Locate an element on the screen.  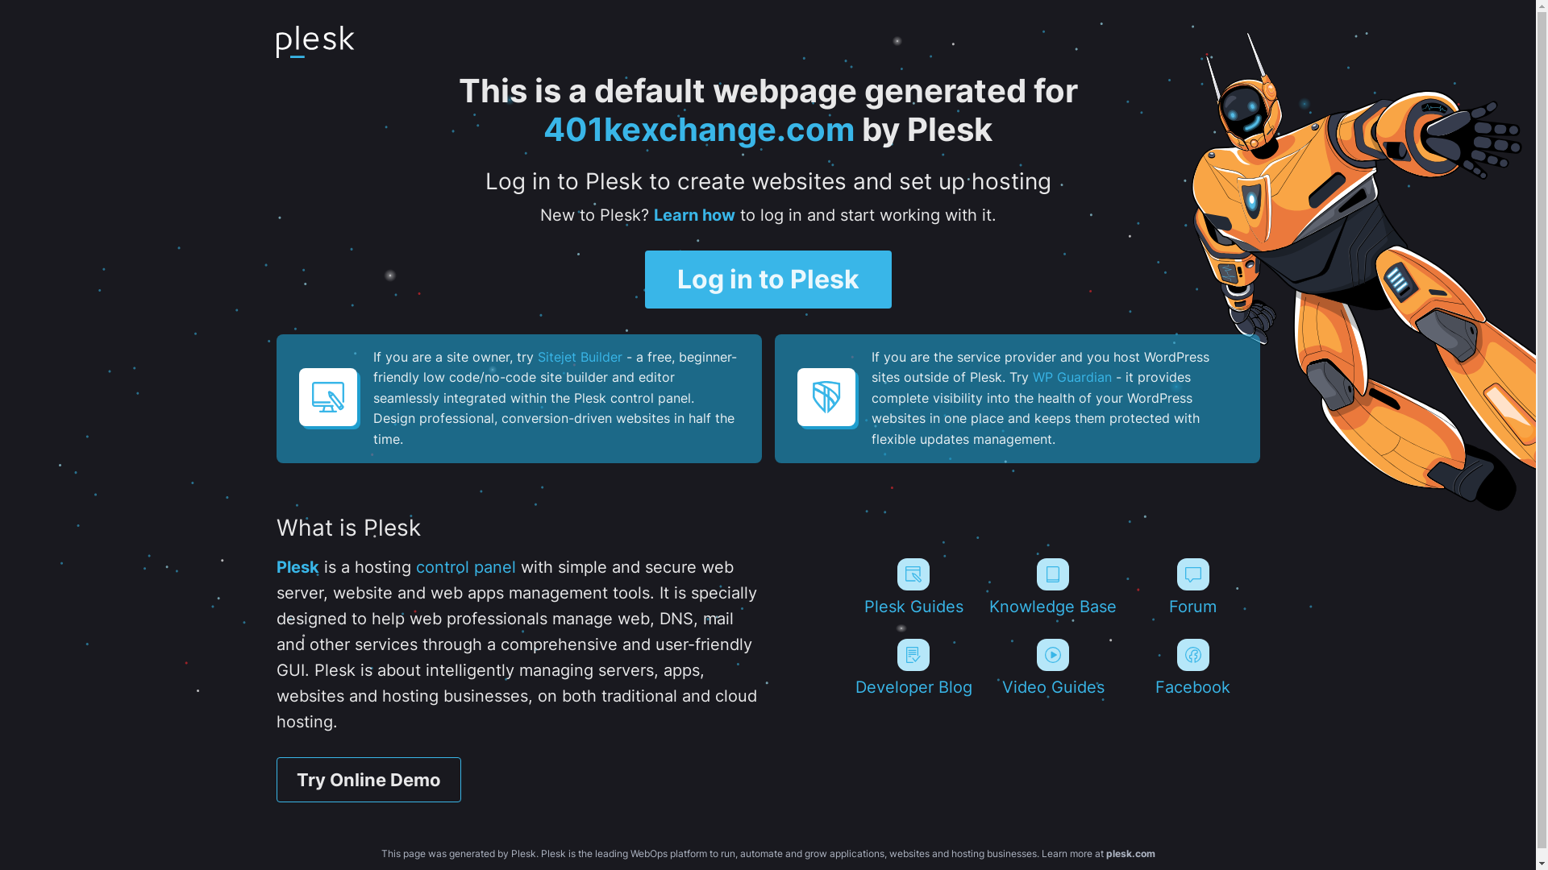
'WP Guardian' is located at coordinates (1032, 376).